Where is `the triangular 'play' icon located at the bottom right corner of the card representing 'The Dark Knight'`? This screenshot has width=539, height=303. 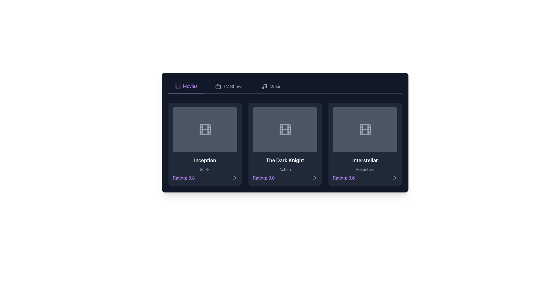
the triangular 'play' icon located at the bottom right corner of the card representing 'The Dark Knight' is located at coordinates (314, 178).